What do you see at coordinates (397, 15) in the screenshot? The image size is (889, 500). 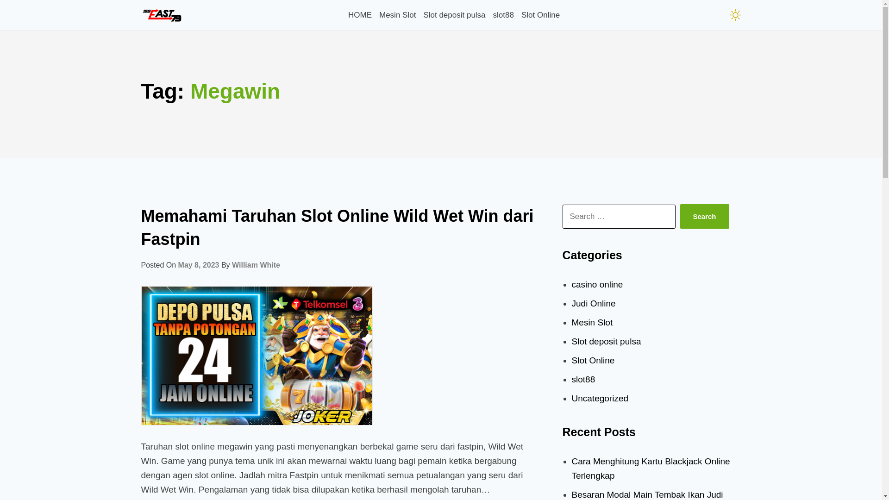 I see `'Mesin Slot'` at bounding box center [397, 15].